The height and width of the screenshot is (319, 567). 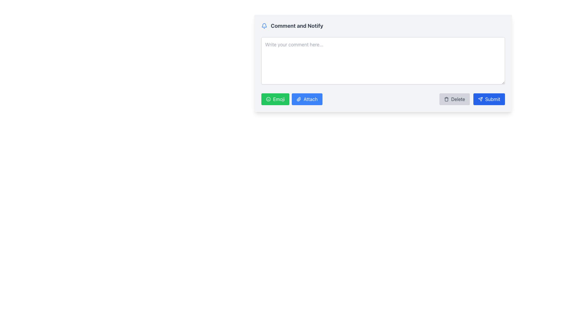 I want to click on the circular outline within the smiley face icon located in the SVG graphic on the left side of the toolbar, which is the first icon from the left in a horizontal row, so click(x=268, y=99).